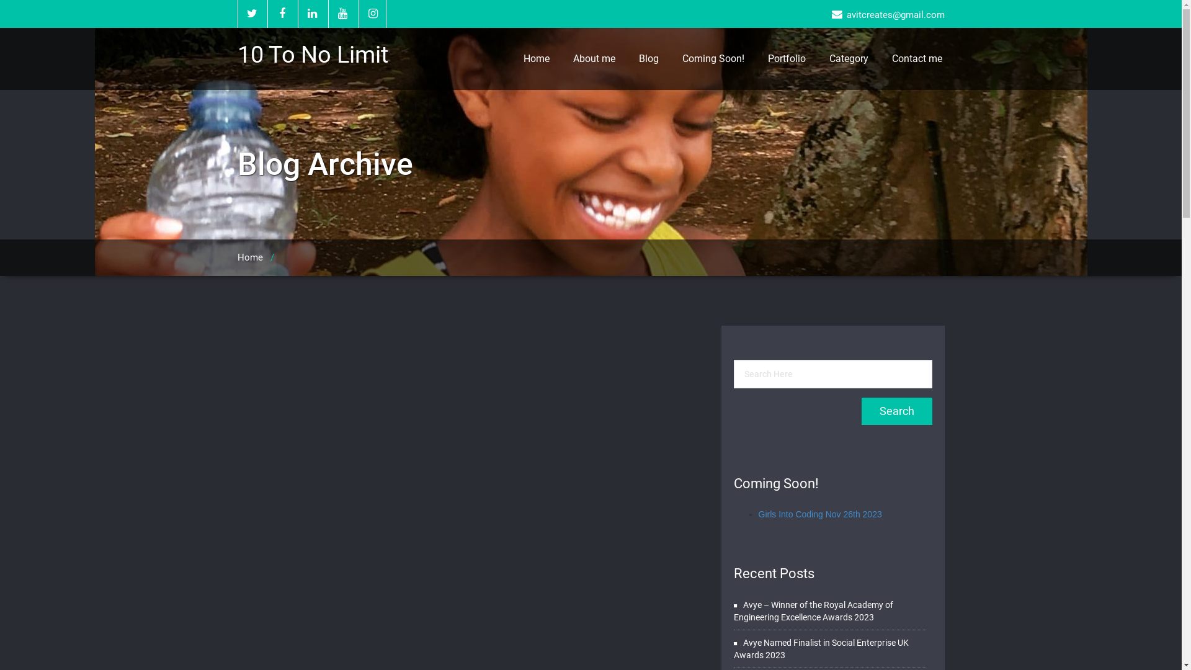 The width and height of the screenshot is (1191, 670). What do you see at coordinates (821, 648) in the screenshot?
I see `'Avye Named Finalist in Social Enterprise UK Awards 2023'` at bounding box center [821, 648].